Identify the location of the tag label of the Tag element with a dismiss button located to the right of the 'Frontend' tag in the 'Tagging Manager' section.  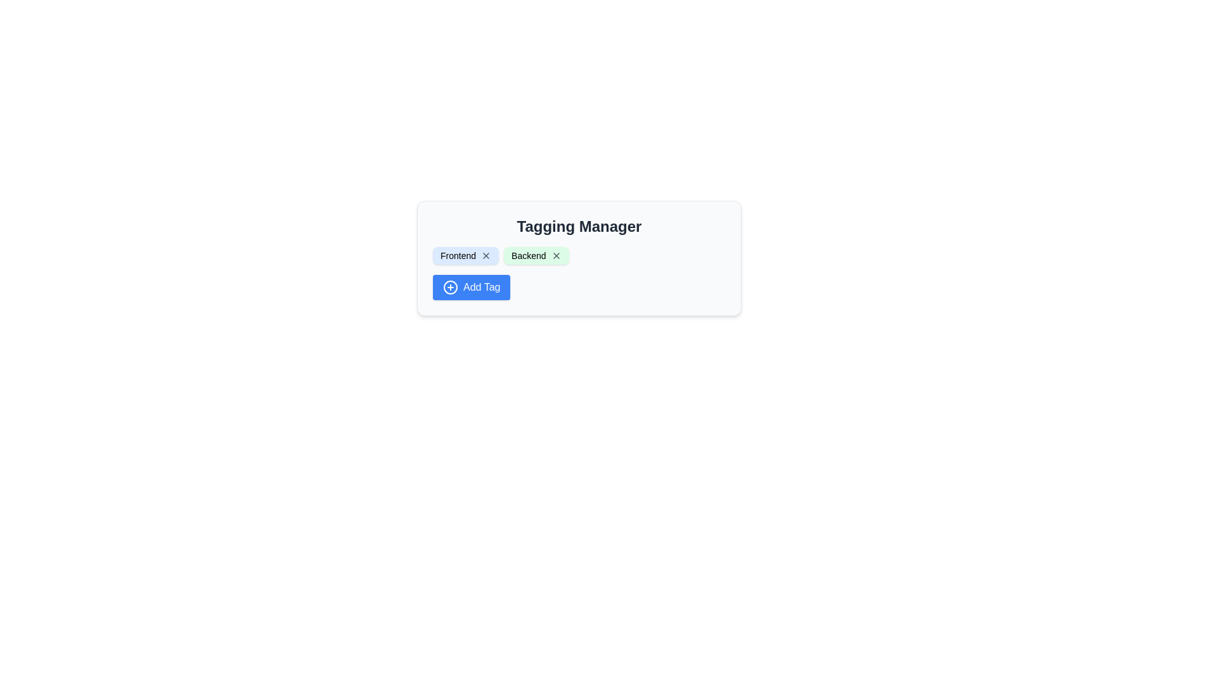
(536, 256).